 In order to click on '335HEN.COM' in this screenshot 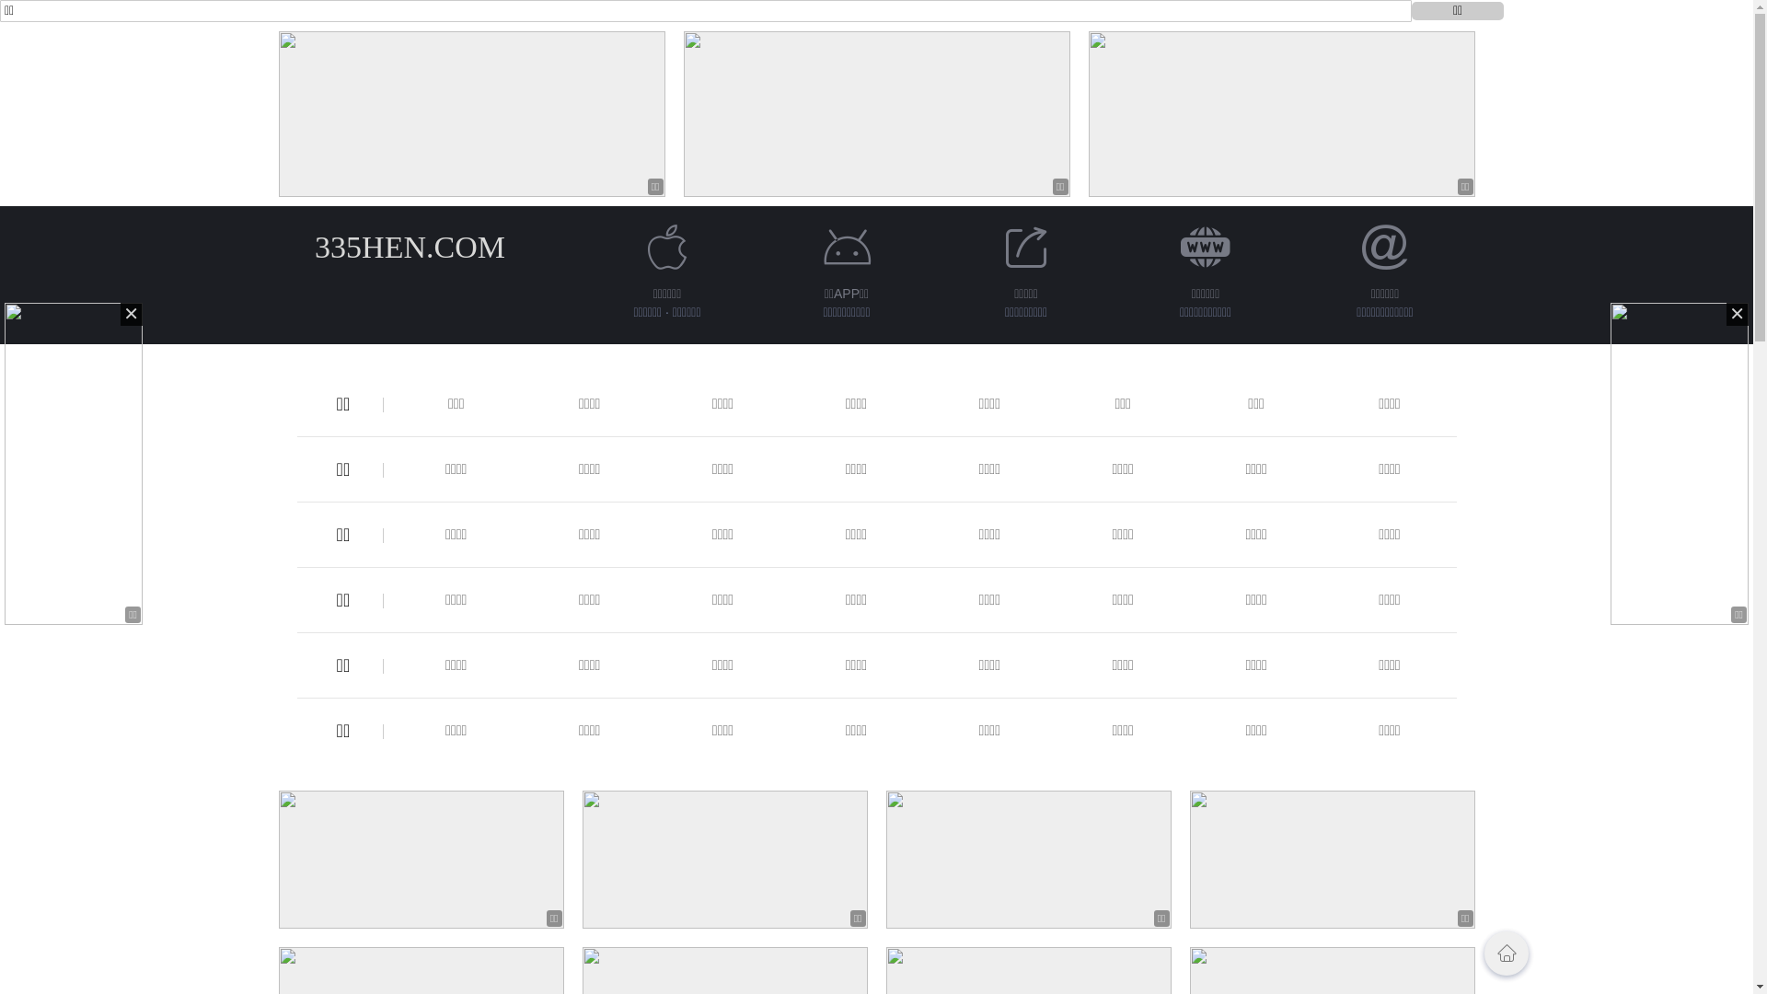, I will do `click(314, 246)`.